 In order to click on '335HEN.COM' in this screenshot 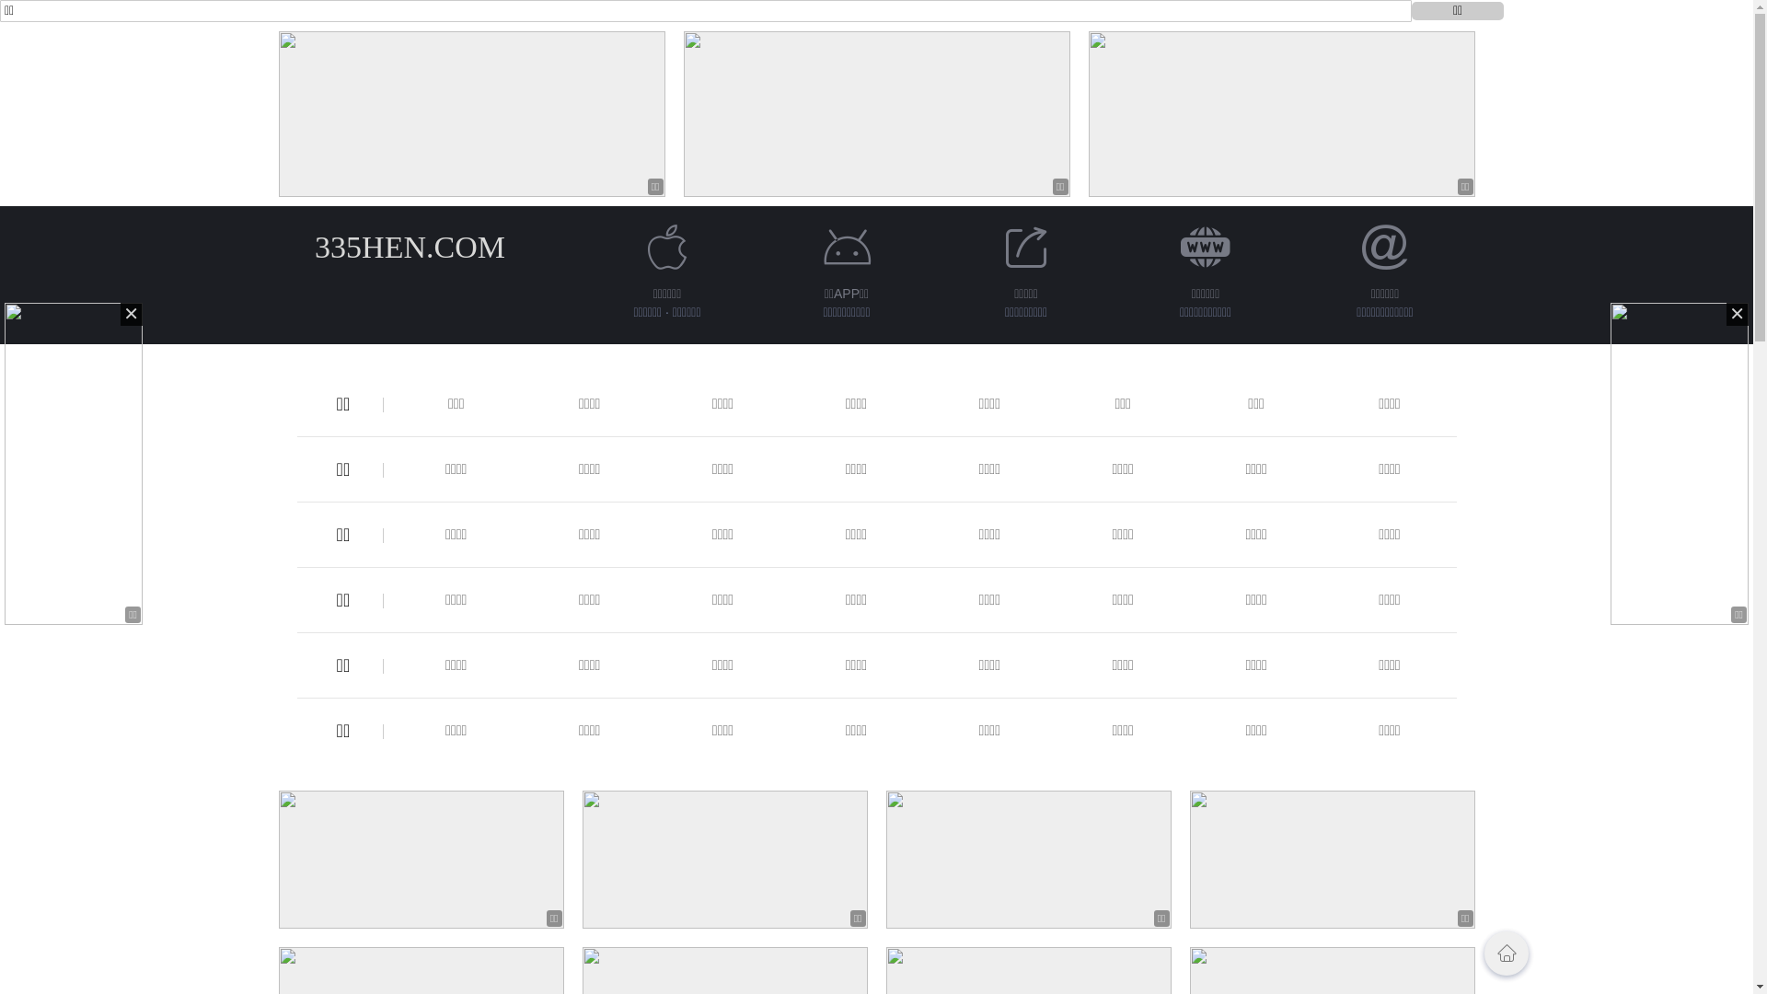, I will do `click(314, 246)`.